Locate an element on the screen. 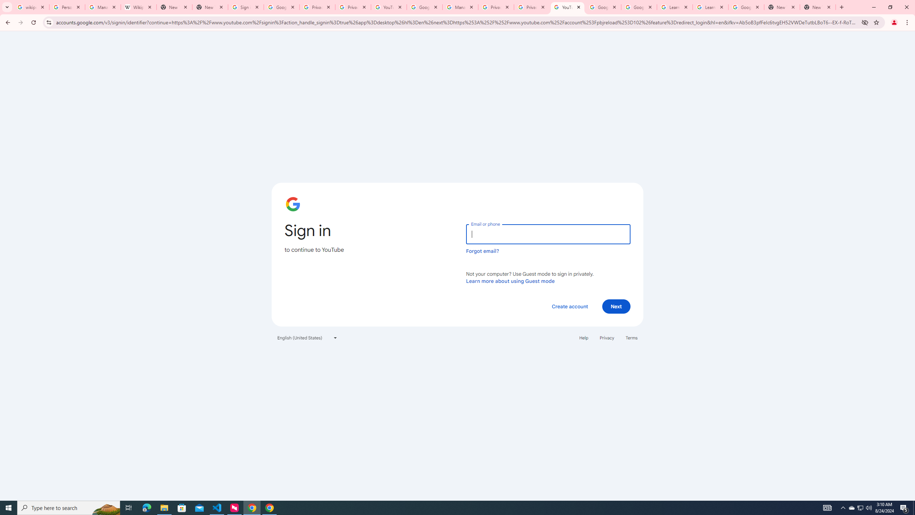 The width and height of the screenshot is (915, 515). 'Personalization & Google Search results - Google Search Help' is located at coordinates (66, 7).